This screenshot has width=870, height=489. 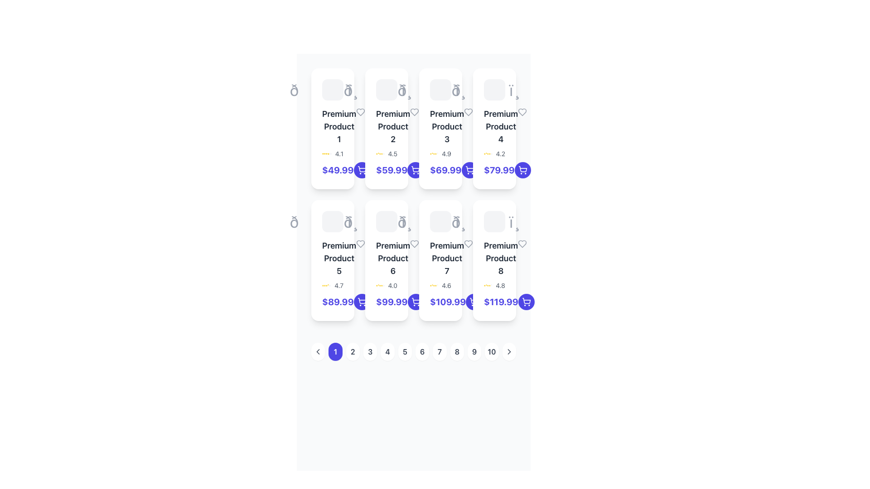 What do you see at coordinates (378, 153) in the screenshot?
I see `the star icon representing the second star in the 4.5-star rating for the 'Premium Product 2' in the grid` at bounding box center [378, 153].